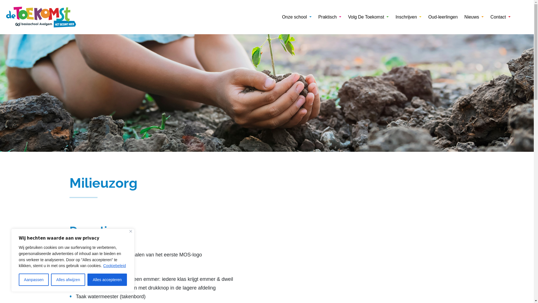  What do you see at coordinates (344, 17) in the screenshot?
I see `'Volg De Toekomst'` at bounding box center [344, 17].